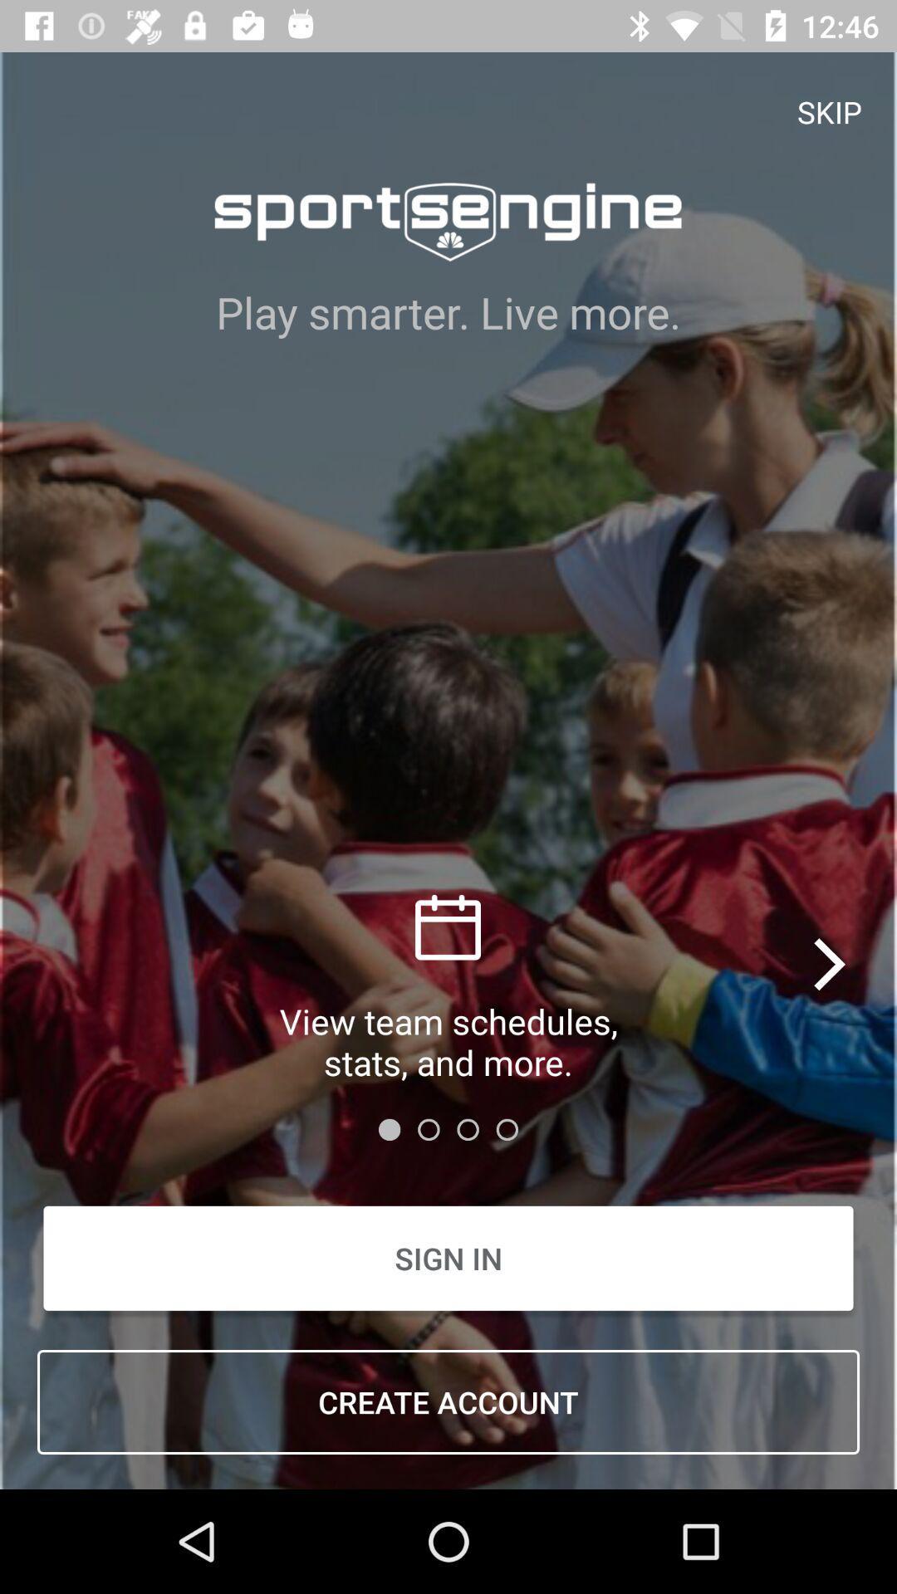 This screenshot has height=1594, width=897. What do you see at coordinates (448, 1258) in the screenshot?
I see `item above create account` at bounding box center [448, 1258].